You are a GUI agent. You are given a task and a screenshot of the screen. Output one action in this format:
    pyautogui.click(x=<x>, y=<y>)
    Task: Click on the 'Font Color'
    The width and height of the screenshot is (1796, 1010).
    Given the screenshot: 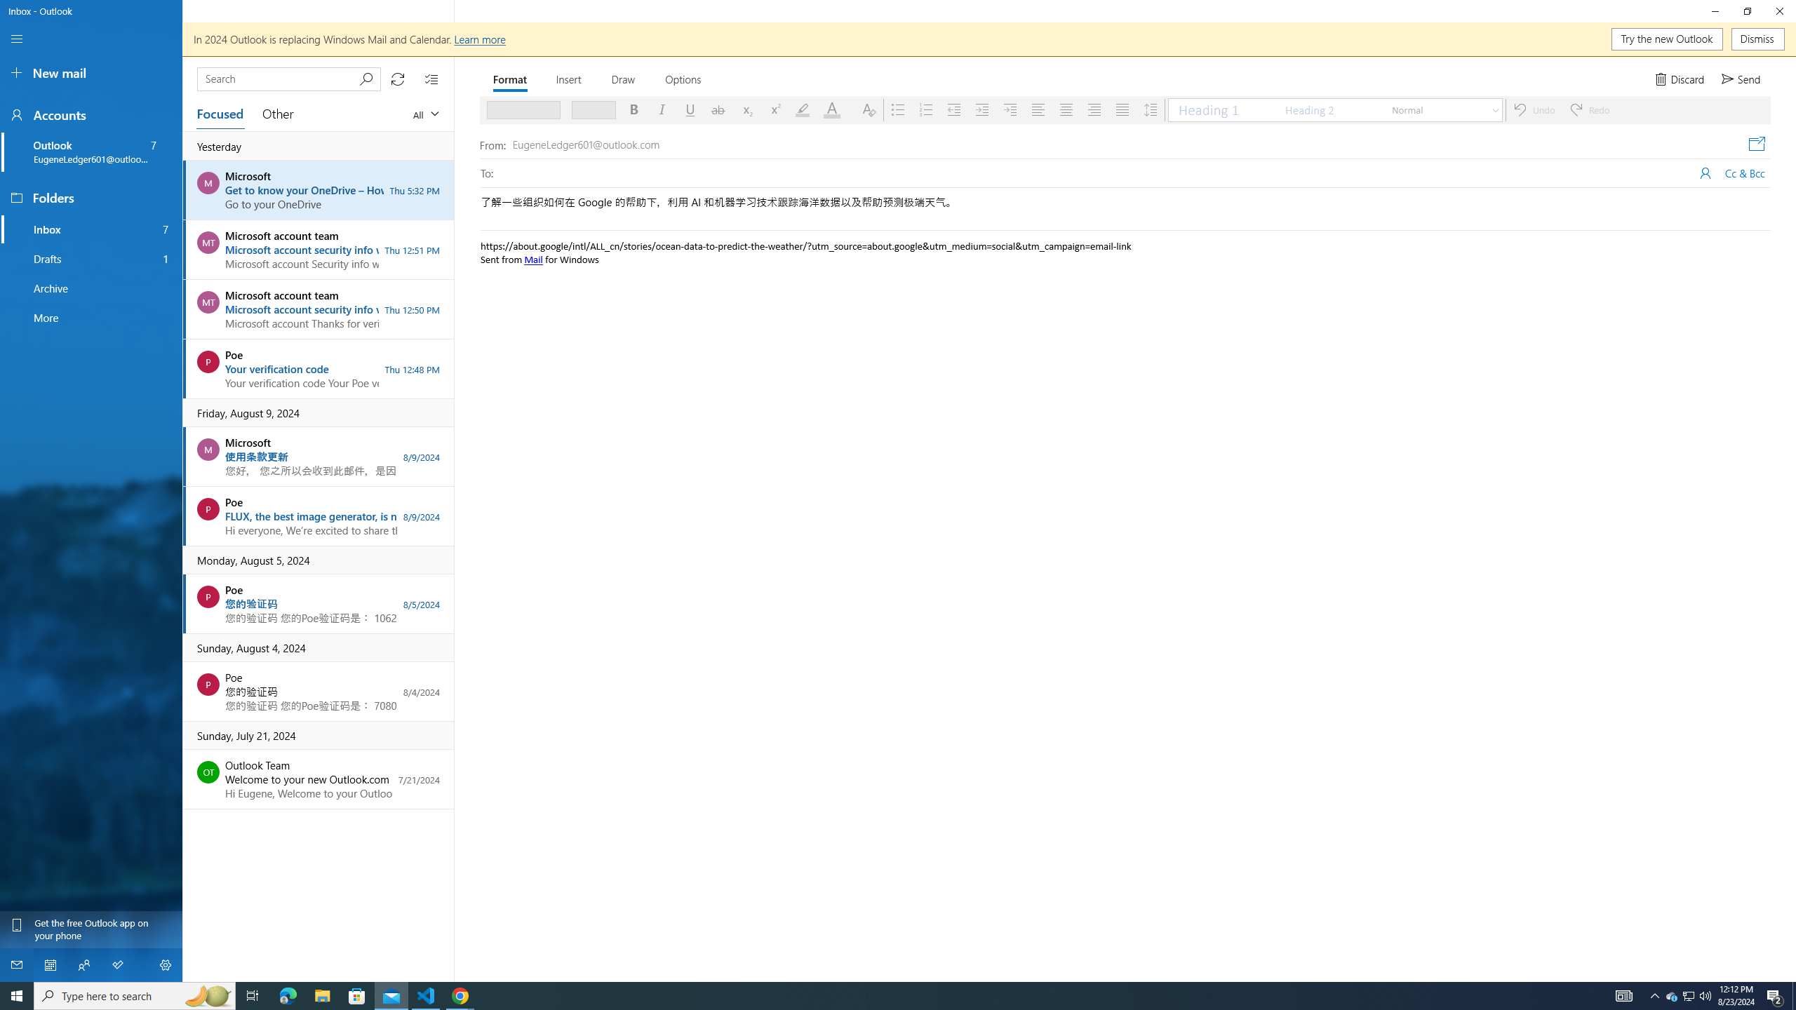 What is the action you would take?
    pyautogui.click(x=835, y=109)
    